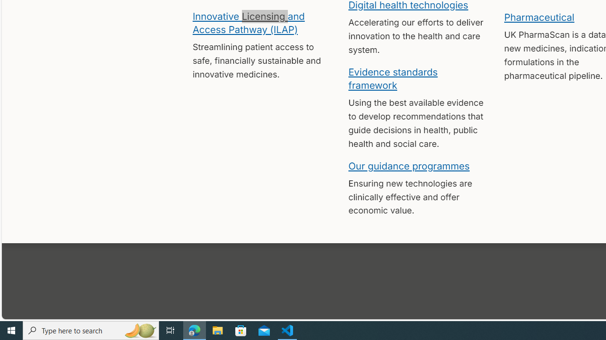 The height and width of the screenshot is (340, 606). Describe the element at coordinates (248, 22) in the screenshot. I see `'Innovative Licensing and Access Pathway (ILAP)'` at that location.